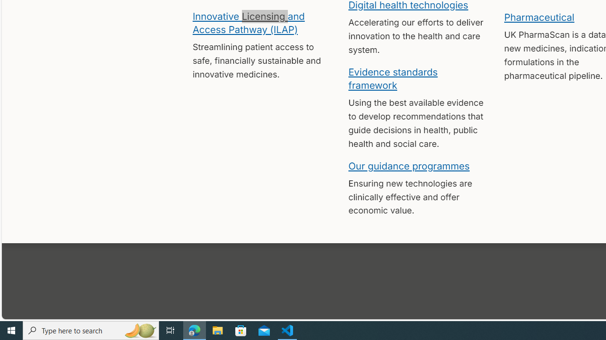 The height and width of the screenshot is (340, 606). Describe the element at coordinates (248, 22) in the screenshot. I see `'Innovative Licensing and Access Pathway (ILAP)'` at that location.